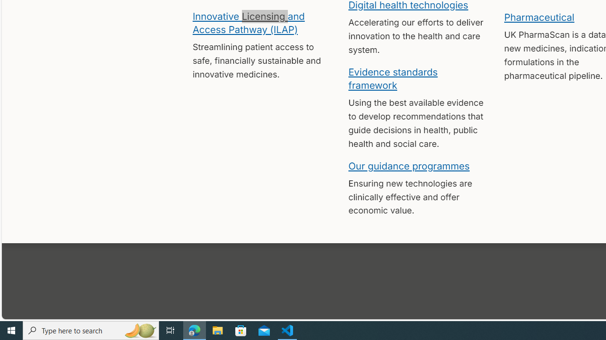 The height and width of the screenshot is (340, 606). Describe the element at coordinates (248, 22) in the screenshot. I see `'Innovative Licensing and Access Pathway (ILAP)'` at that location.